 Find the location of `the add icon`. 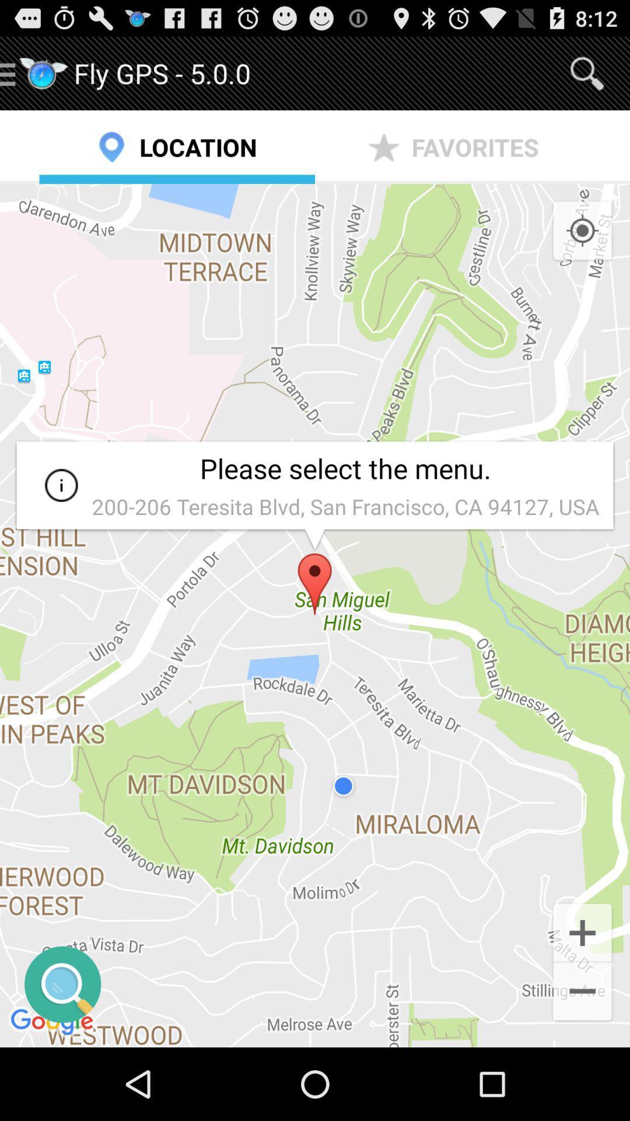

the add icon is located at coordinates (582, 997).